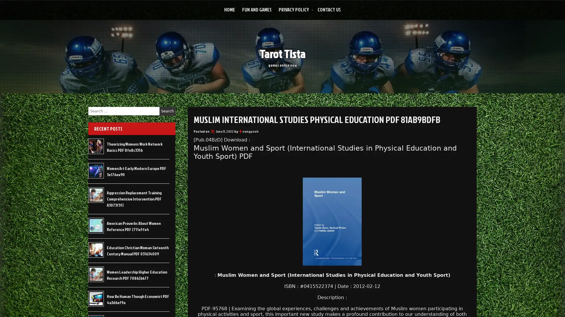 Image resolution: width=565 pixels, height=317 pixels. What do you see at coordinates (167, 111) in the screenshot?
I see `Search` at bounding box center [167, 111].